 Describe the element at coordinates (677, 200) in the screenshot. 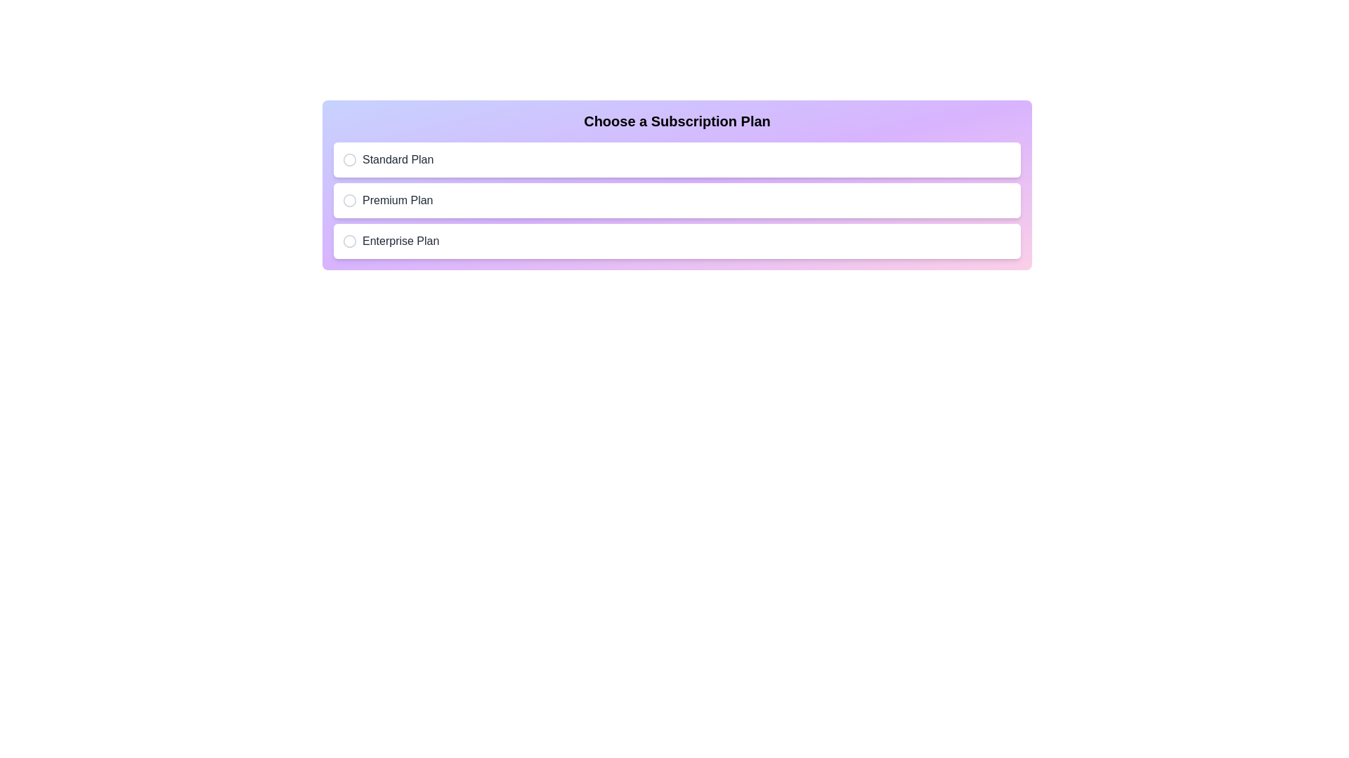

I see `the 'Premium Plan' button` at that location.